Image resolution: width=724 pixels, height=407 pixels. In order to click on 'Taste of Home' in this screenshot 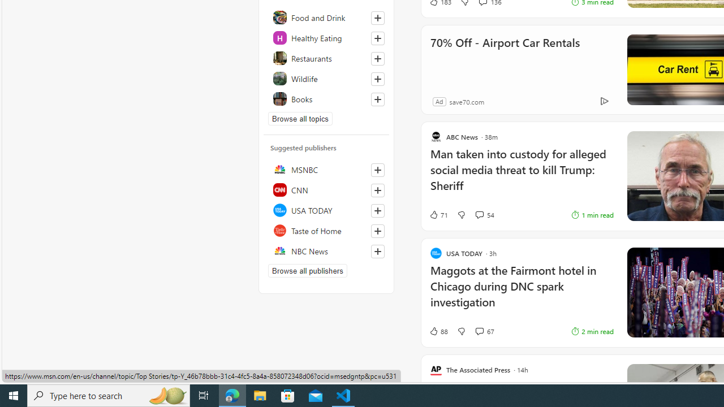, I will do `click(326, 230)`.